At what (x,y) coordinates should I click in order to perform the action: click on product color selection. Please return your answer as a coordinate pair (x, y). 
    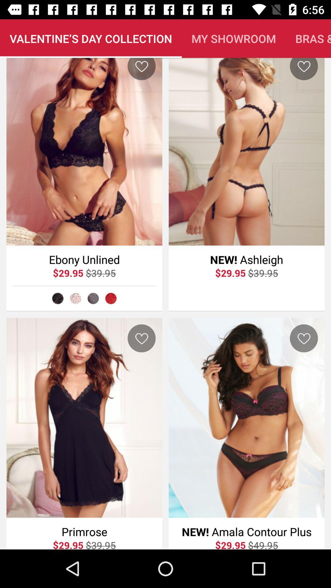
    Looking at the image, I should click on (58, 298).